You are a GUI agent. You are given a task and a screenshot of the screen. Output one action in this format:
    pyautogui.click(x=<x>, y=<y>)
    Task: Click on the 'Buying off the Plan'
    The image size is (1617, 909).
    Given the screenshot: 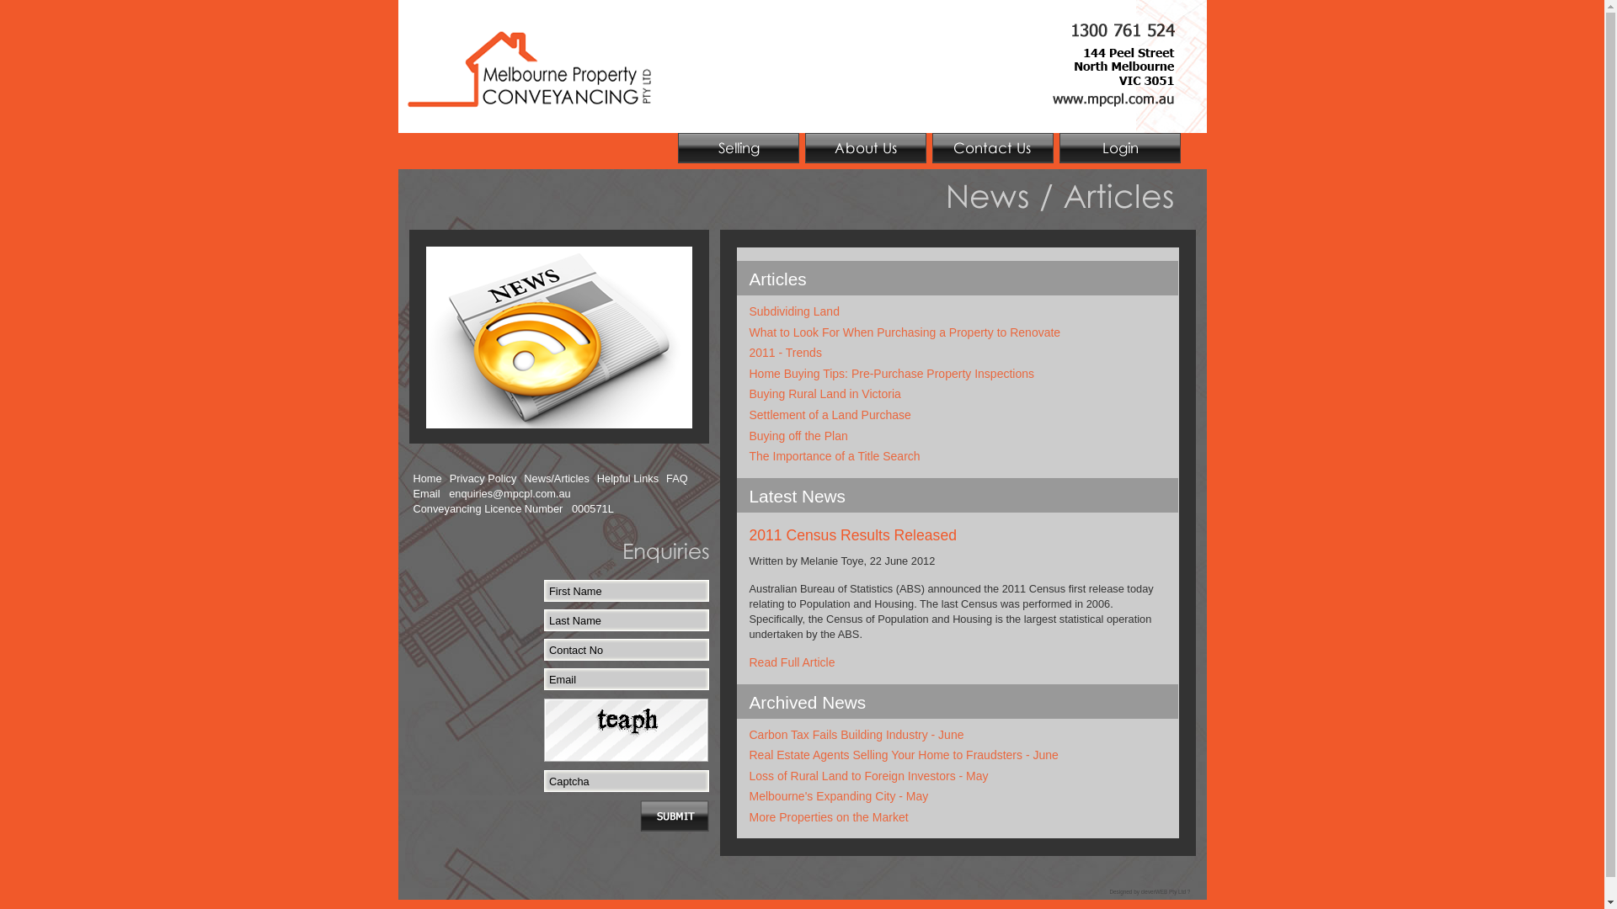 What is the action you would take?
    pyautogui.click(x=798, y=434)
    